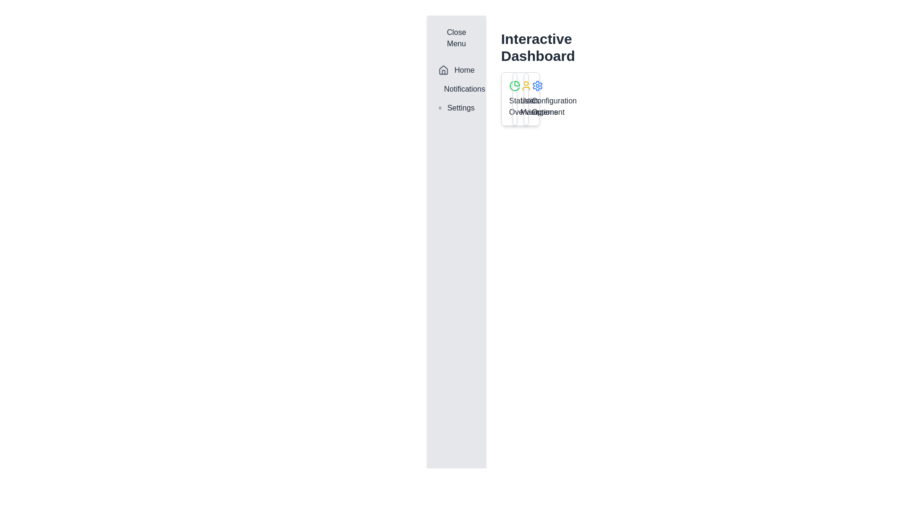 Image resolution: width=907 pixels, height=510 pixels. Describe the element at coordinates (514, 85) in the screenshot. I see `the green pie chart icon located in the upper-left corner of the 'Statistics Overview' section` at that location.